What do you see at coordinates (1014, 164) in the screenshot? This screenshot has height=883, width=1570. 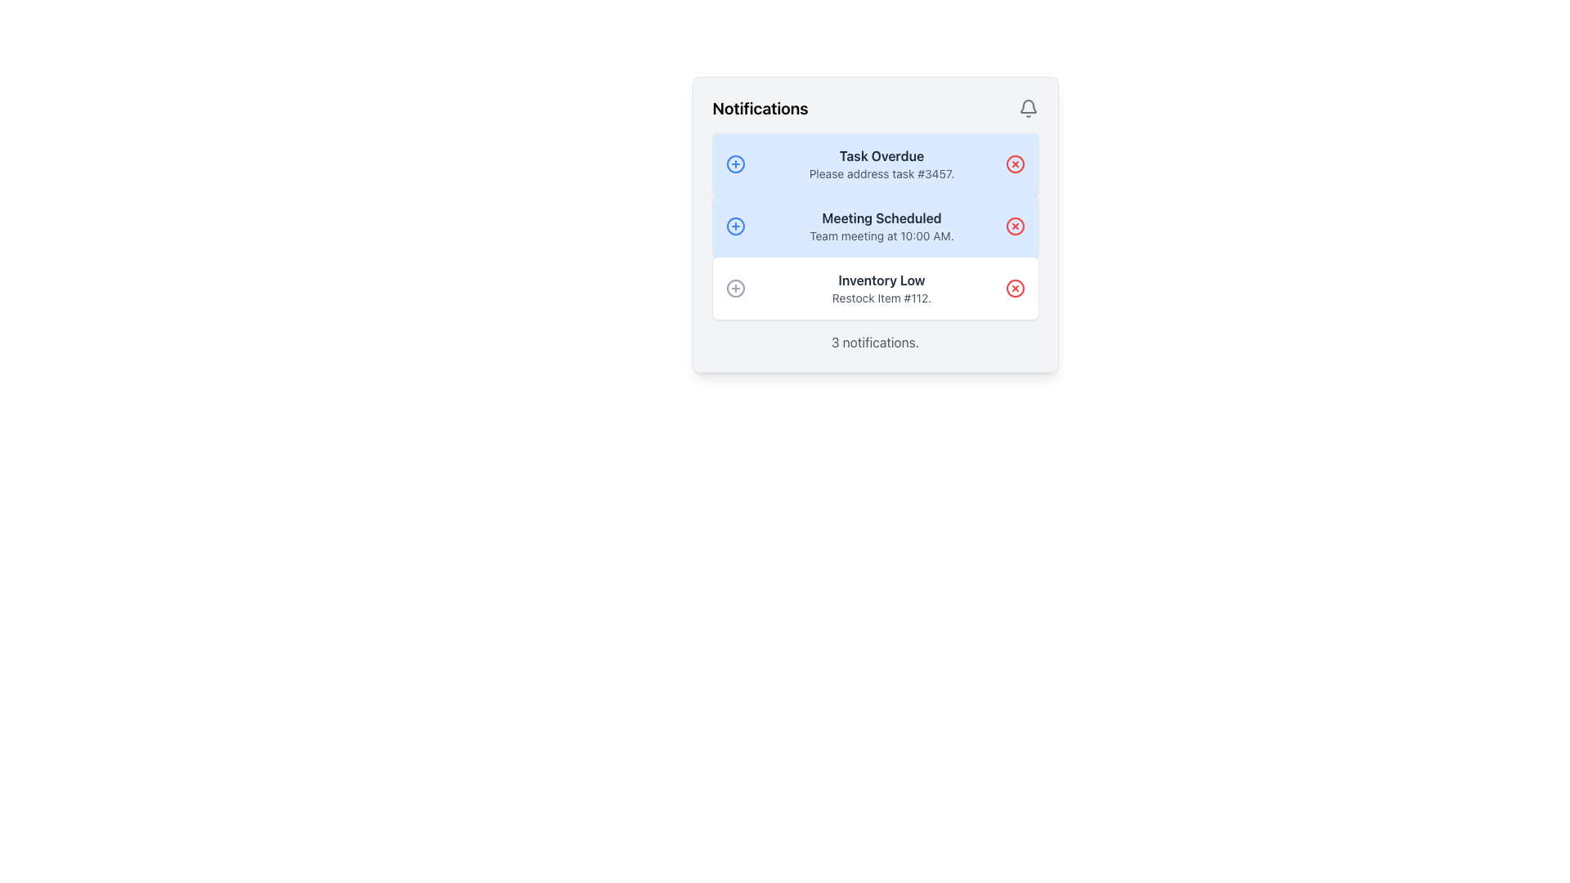 I see `the red circular icon with an 'X' symbol located at the far right of the first notification item under the 'Notifications' header` at bounding box center [1014, 164].